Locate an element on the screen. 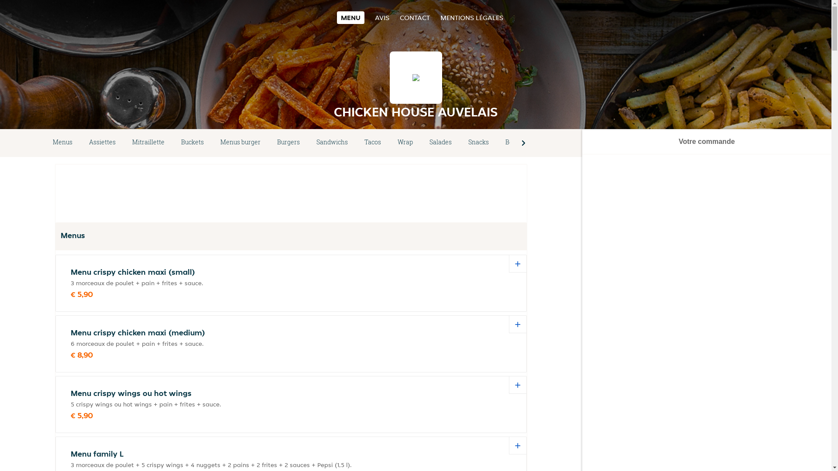  'Boissons' is located at coordinates (518, 142).